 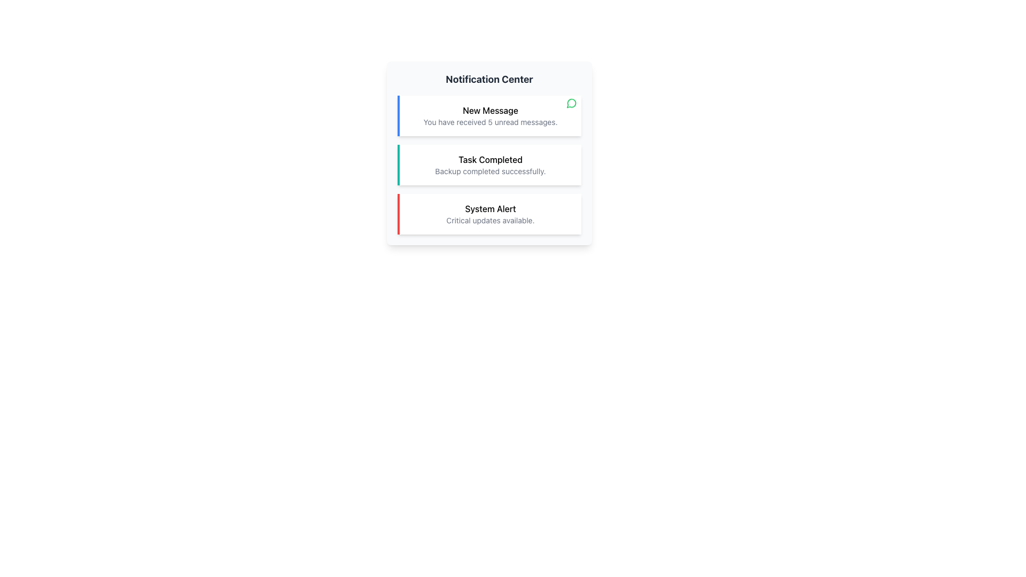 What do you see at coordinates (489, 153) in the screenshot?
I see `the notification in the Notification Panel, which is the second notification item below the 'Notification Center' heading` at bounding box center [489, 153].